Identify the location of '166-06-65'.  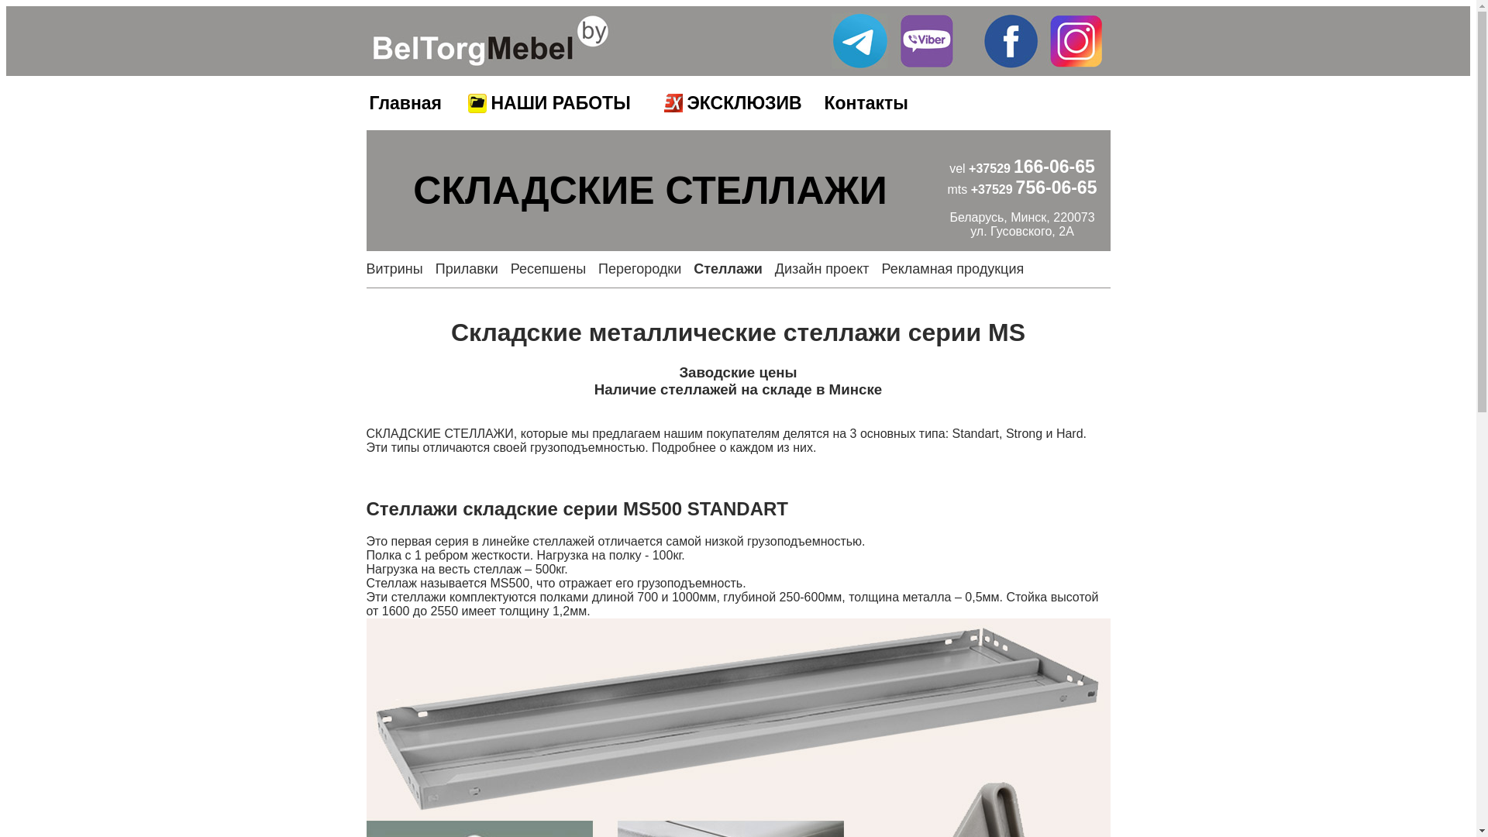
(1054, 167).